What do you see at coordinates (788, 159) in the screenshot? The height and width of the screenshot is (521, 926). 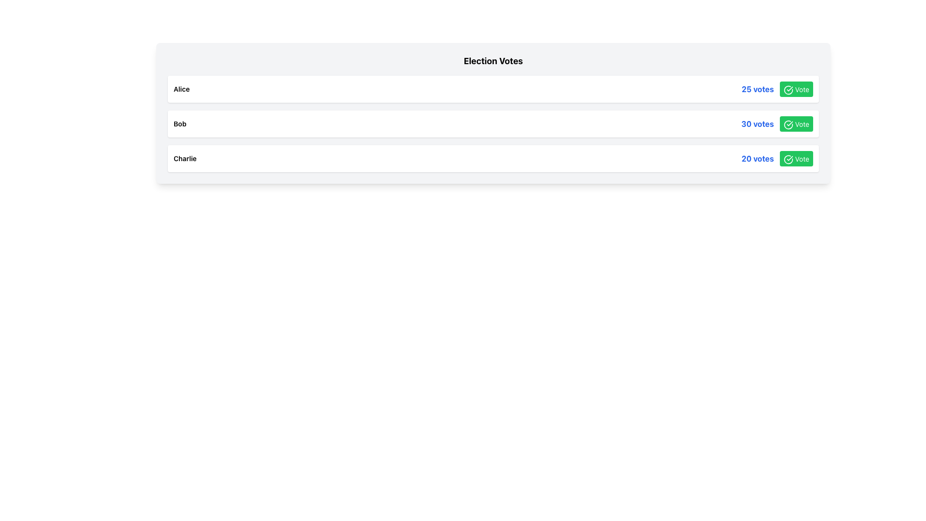 I see `the SVG icon within the green rectangular button labeled 'Vote' located in the third row of the list, which represents a successful action with a checkmark` at bounding box center [788, 159].